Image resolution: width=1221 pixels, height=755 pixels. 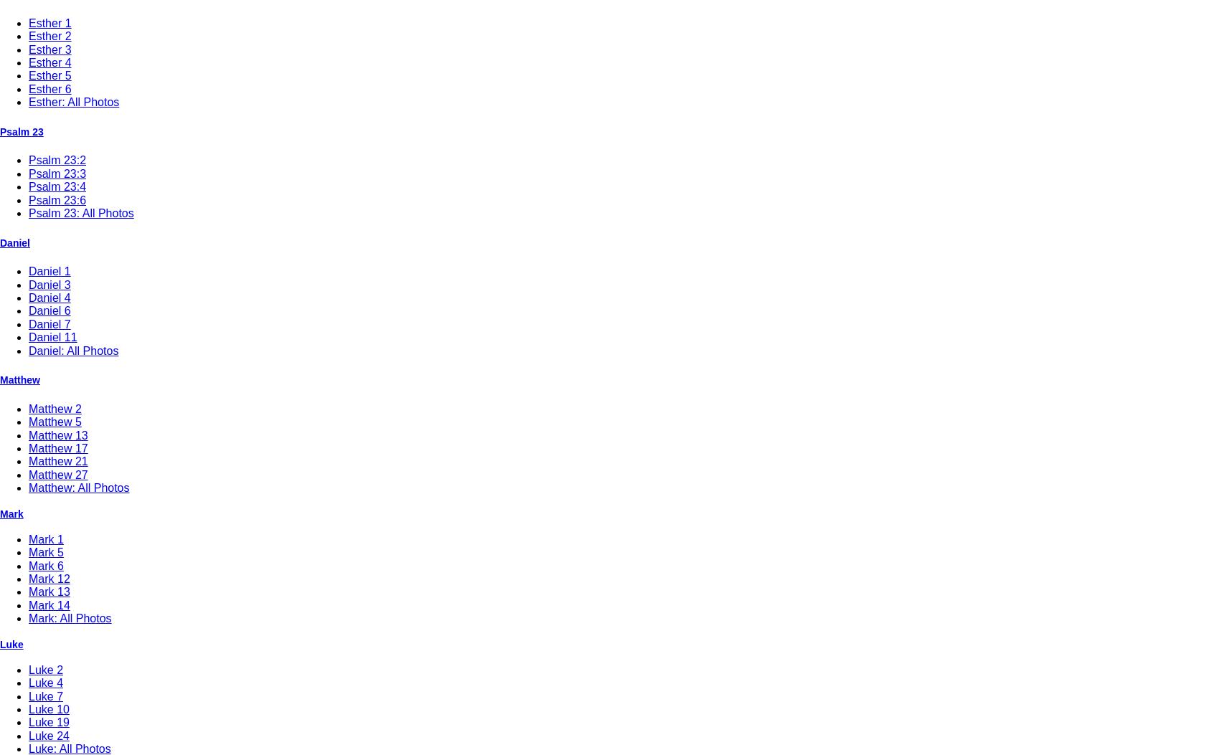 I want to click on 'Psalm 23', so click(x=21, y=130).